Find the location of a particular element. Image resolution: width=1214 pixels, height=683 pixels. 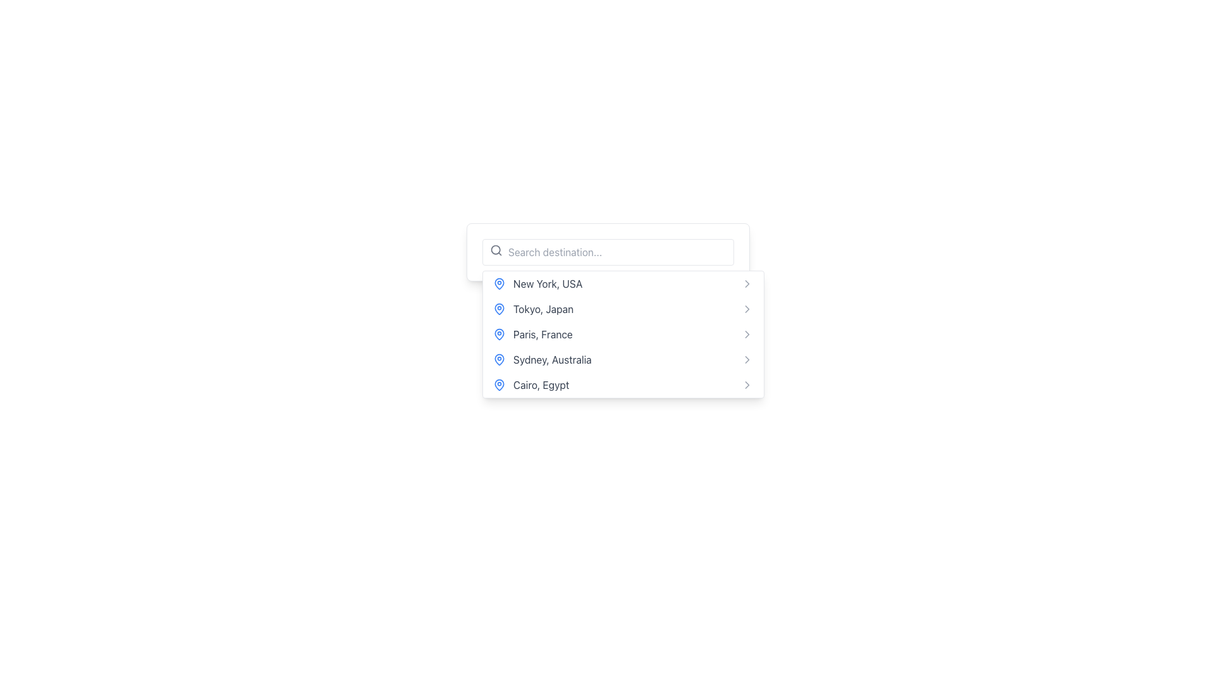

the fourth option in the location selection dropdown menu, which indicates 'Sydney, Australia' is located at coordinates (552, 360).